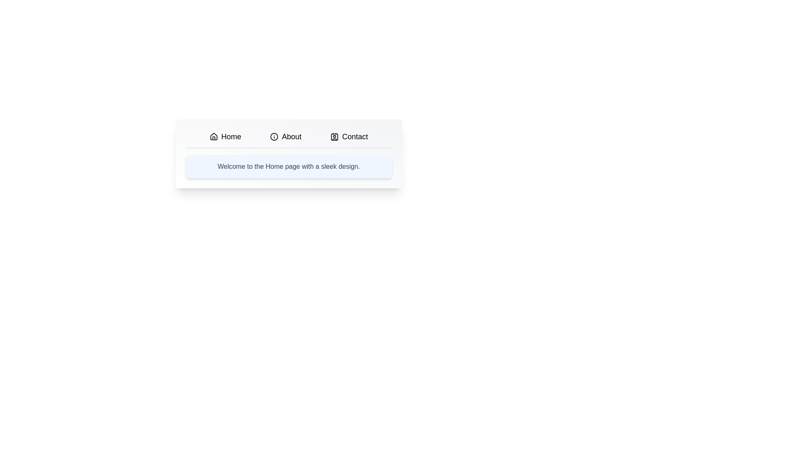 Image resolution: width=799 pixels, height=449 pixels. What do you see at coordinates (349, 136) in the screenshot?
I see `the tab labeled Contact to observe its hover effect` at bounding box center [349, 136].